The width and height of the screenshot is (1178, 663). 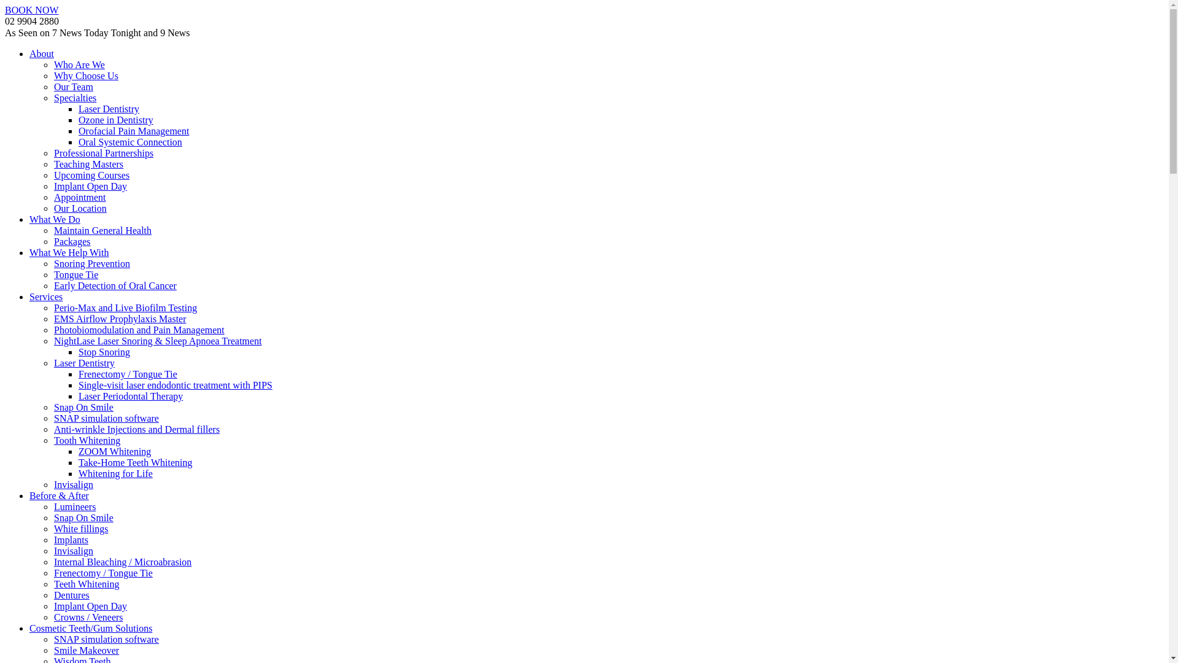 What do you see at coordinates (53, 86) in the screenshot?
I see `'Our Team'` at bounding box center [53, 86].